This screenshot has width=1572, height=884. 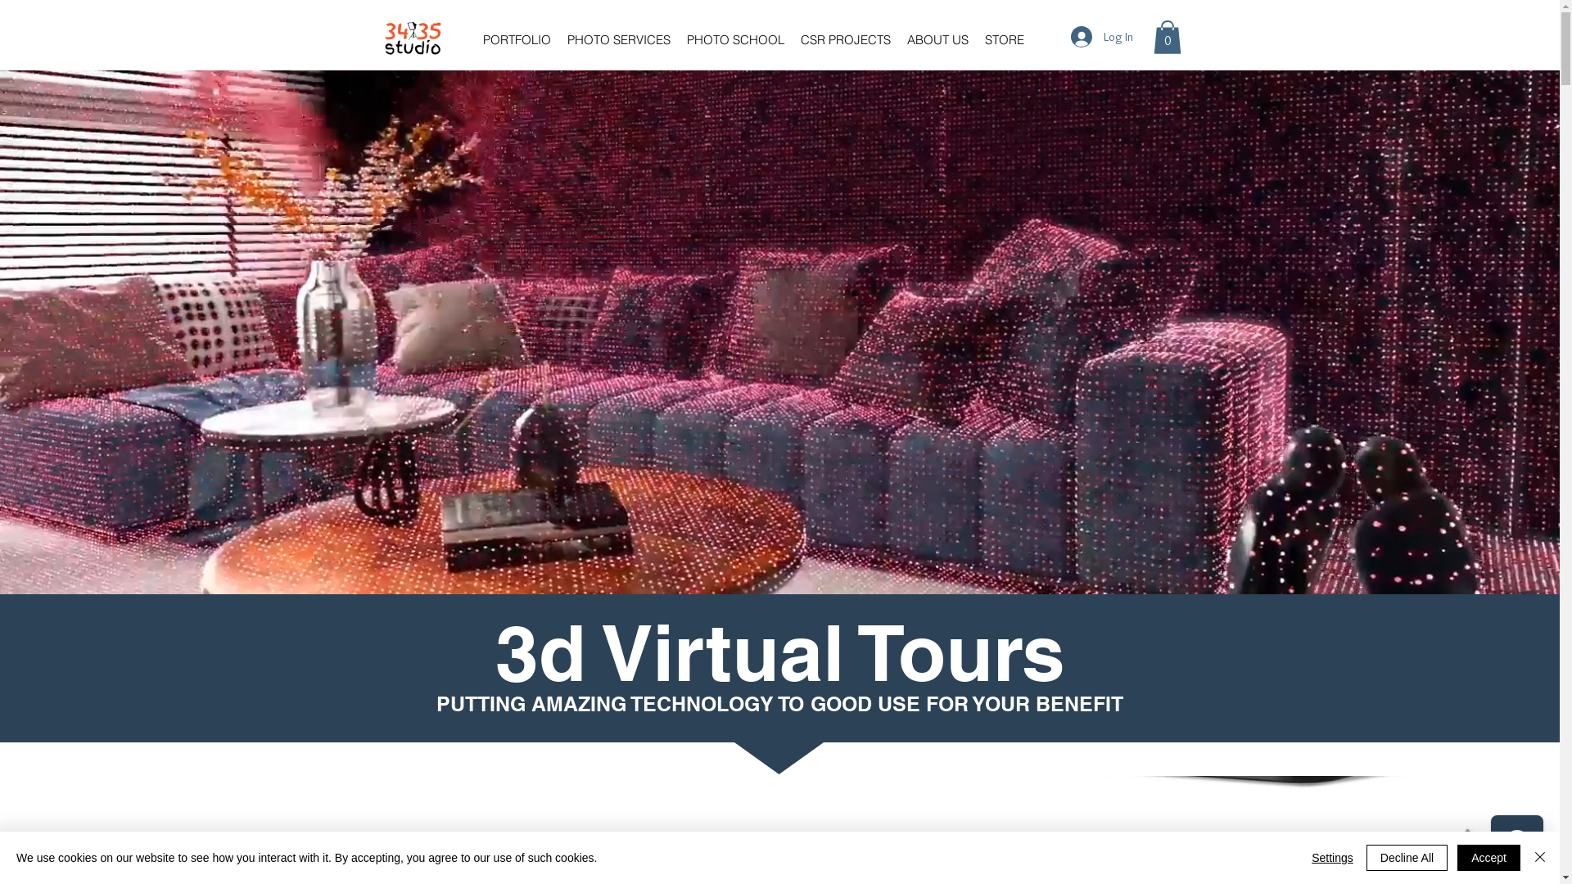 What do you see at coordinates (845, 38) in the screenshot?
I see `'CSR PROJECTS'` at bounding box center [845, 38].